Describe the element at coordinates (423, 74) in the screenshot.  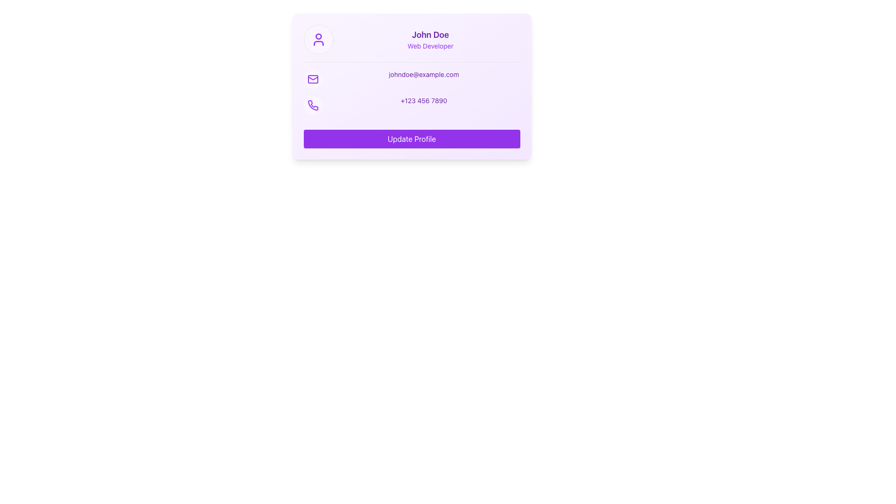
I see `the static email address display text label located in the middle of the card component, below the username and title text` at that location.